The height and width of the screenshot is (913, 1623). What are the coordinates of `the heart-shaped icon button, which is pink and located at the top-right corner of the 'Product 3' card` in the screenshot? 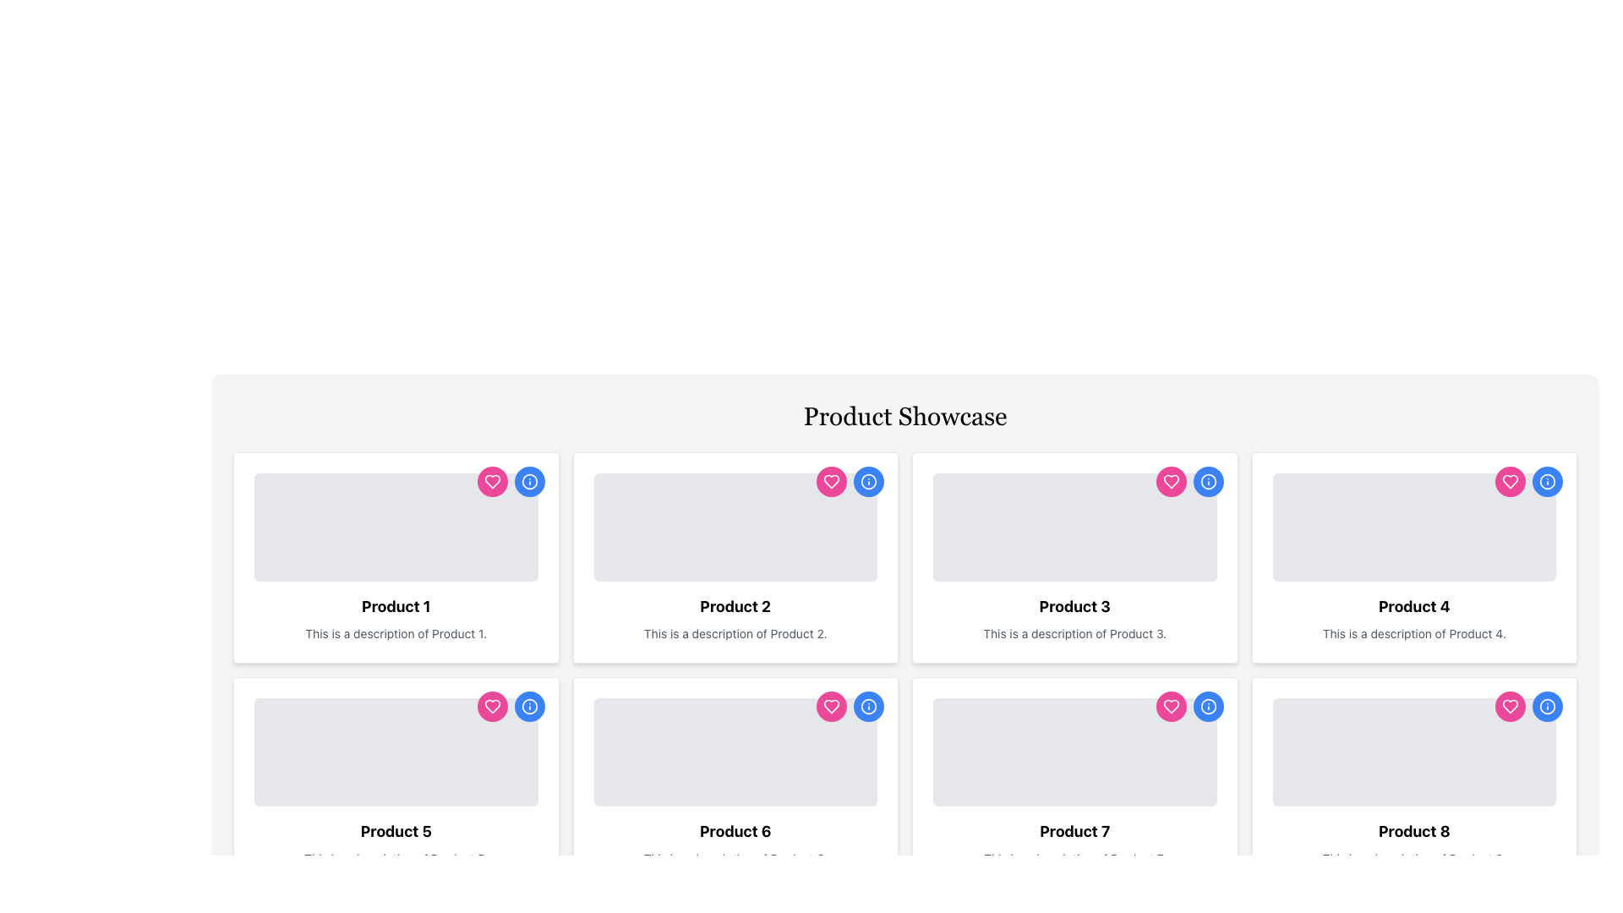 It's located at (1170, 482).